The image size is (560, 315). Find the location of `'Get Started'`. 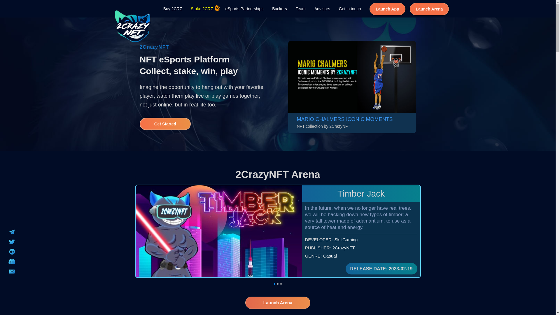

'Get Started' is located at coordinates (165, 123).